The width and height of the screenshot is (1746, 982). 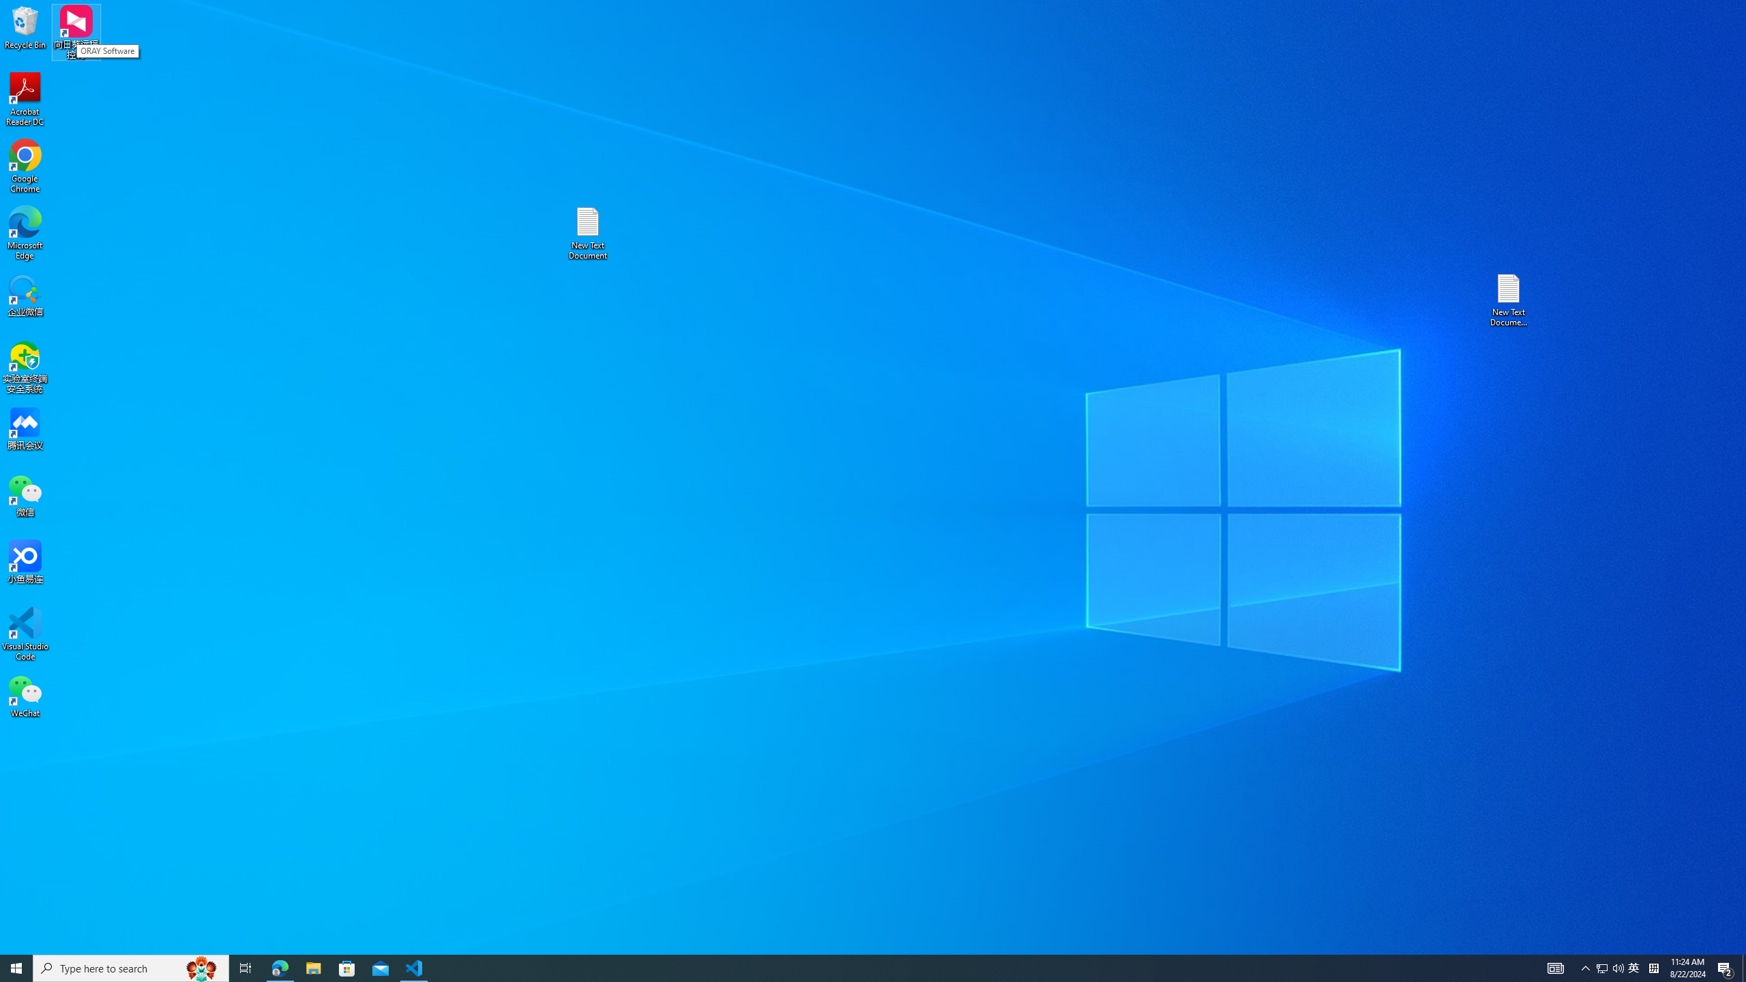 What do you see at coordinates (587, 233) in the screenshot?
I see `'New Text Document'` at bounding box center [587, 233].